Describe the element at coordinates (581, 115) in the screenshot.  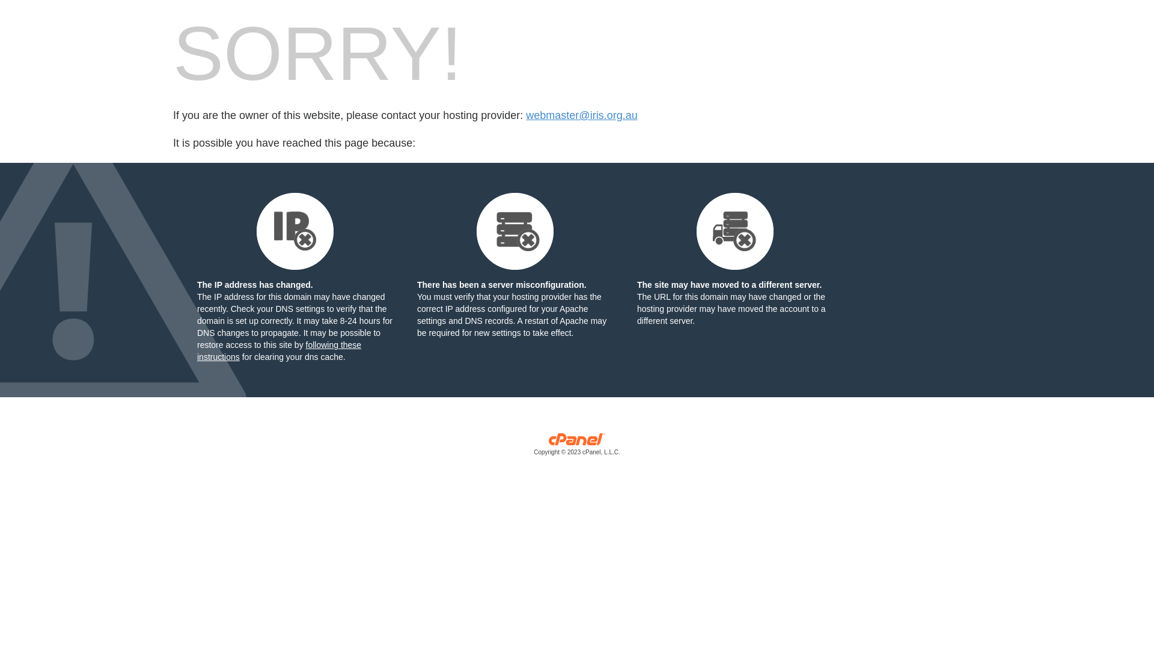
I see `'webmaster@iris.org.au'` at that location.